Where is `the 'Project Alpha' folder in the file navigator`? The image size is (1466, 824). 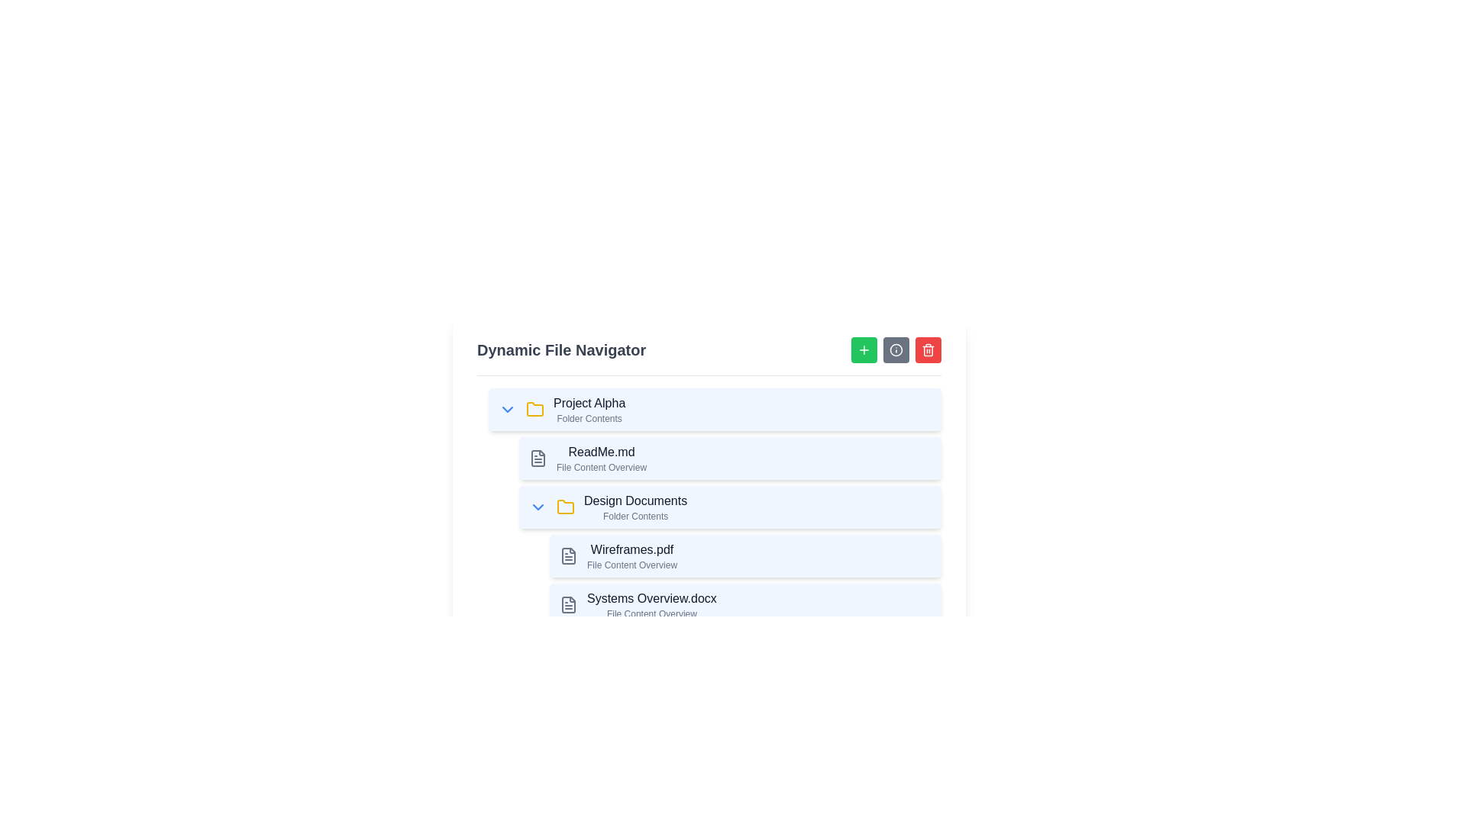 the 'Project Alpha' folder in the file navigator is located at coordinates (714, 408).